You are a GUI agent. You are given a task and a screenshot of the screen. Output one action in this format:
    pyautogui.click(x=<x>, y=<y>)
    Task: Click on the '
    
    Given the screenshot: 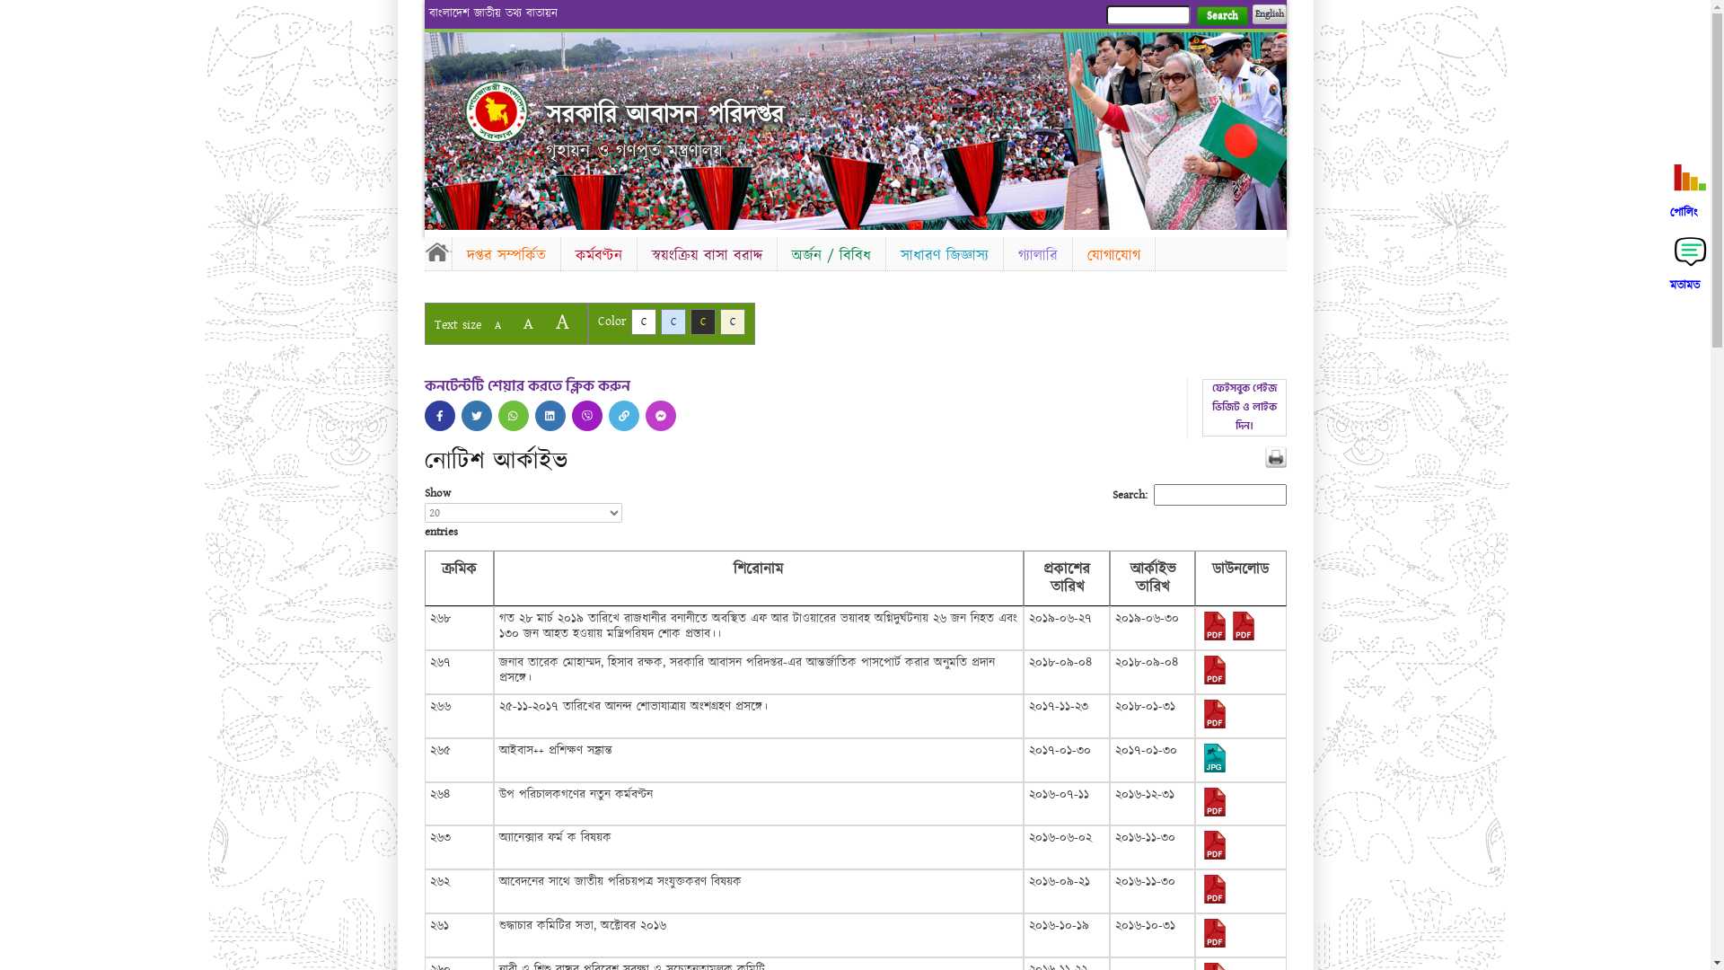 What is the action you would take?
    pyautogui.click(x=550, y=415)
    